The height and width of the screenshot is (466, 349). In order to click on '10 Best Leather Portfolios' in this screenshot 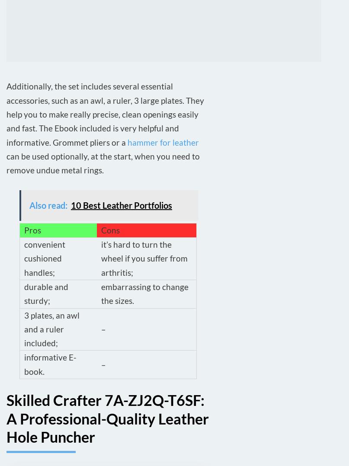, I will do `click(121, 204)`.